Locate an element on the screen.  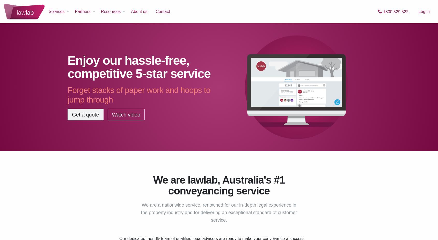
'Contact' is located at coordinates (162, 11).